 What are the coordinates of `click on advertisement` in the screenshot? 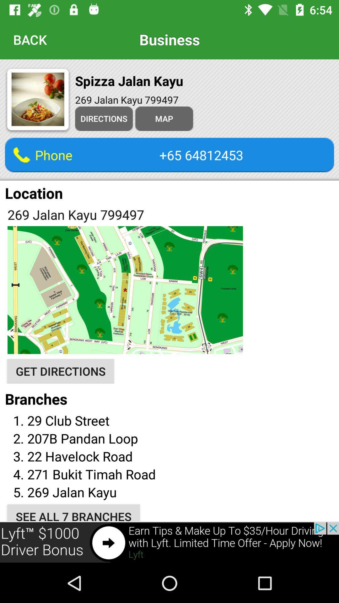 It's located at (169, 542).